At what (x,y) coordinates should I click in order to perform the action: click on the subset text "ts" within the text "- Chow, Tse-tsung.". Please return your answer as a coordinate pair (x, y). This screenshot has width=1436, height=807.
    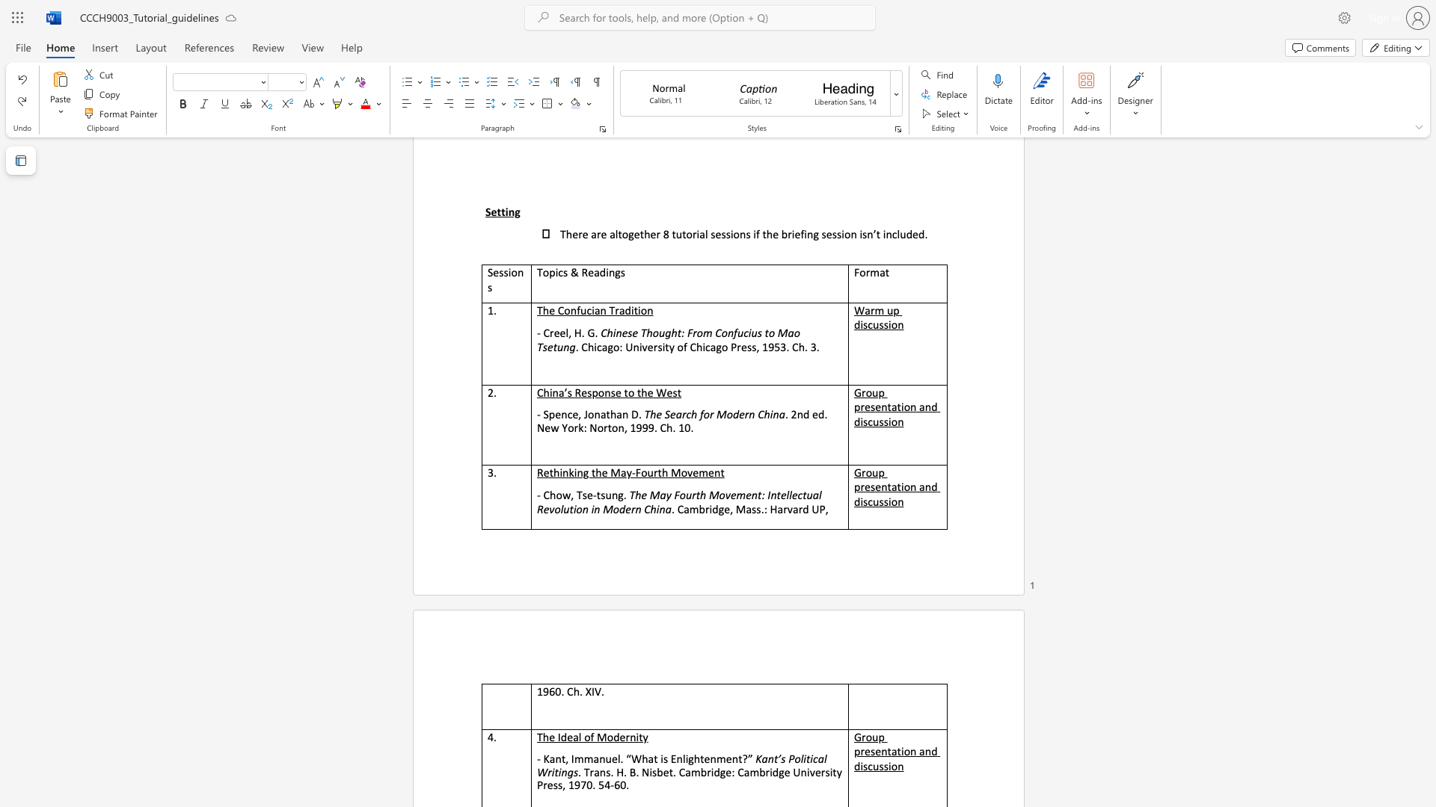
    Looking at the image, I should click on (595, 495).